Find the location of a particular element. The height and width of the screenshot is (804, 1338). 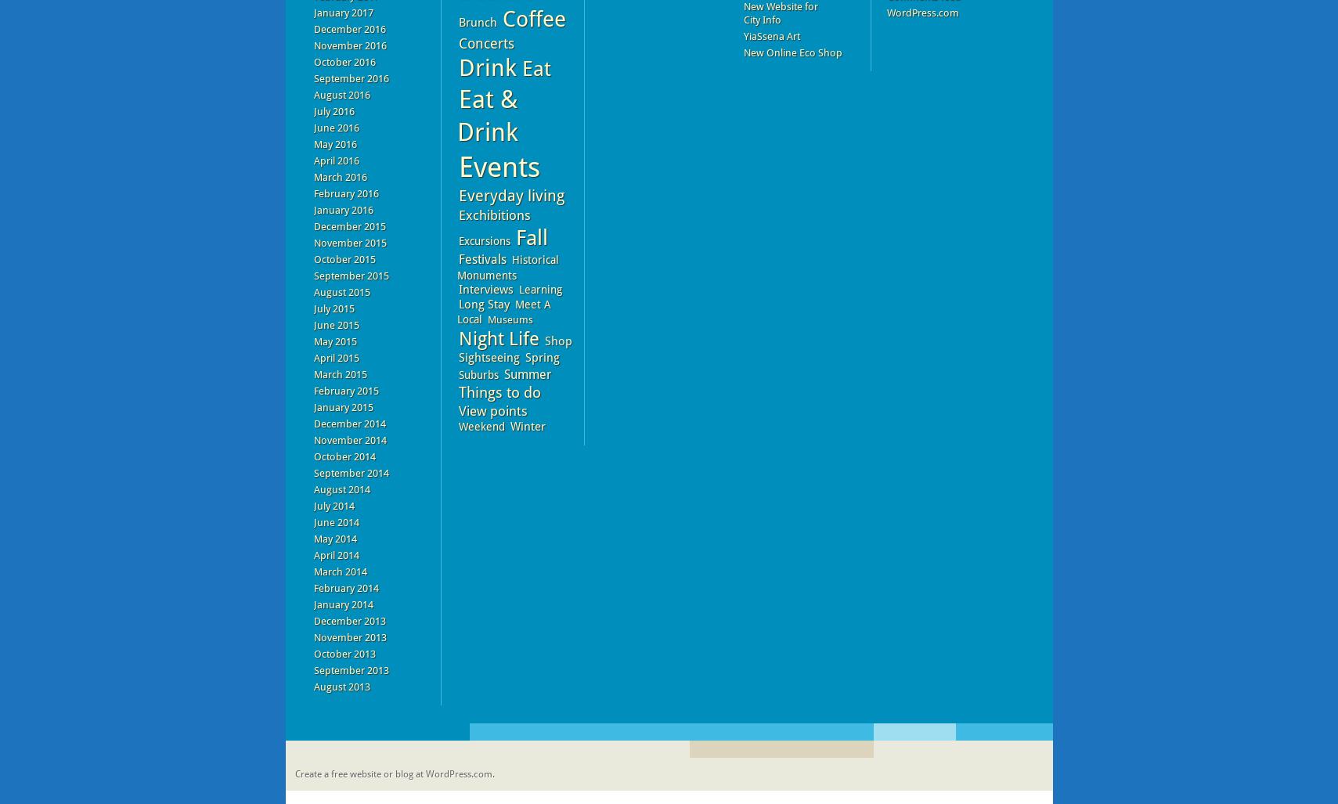

'January 2015' is located at coordinates (343, 406).